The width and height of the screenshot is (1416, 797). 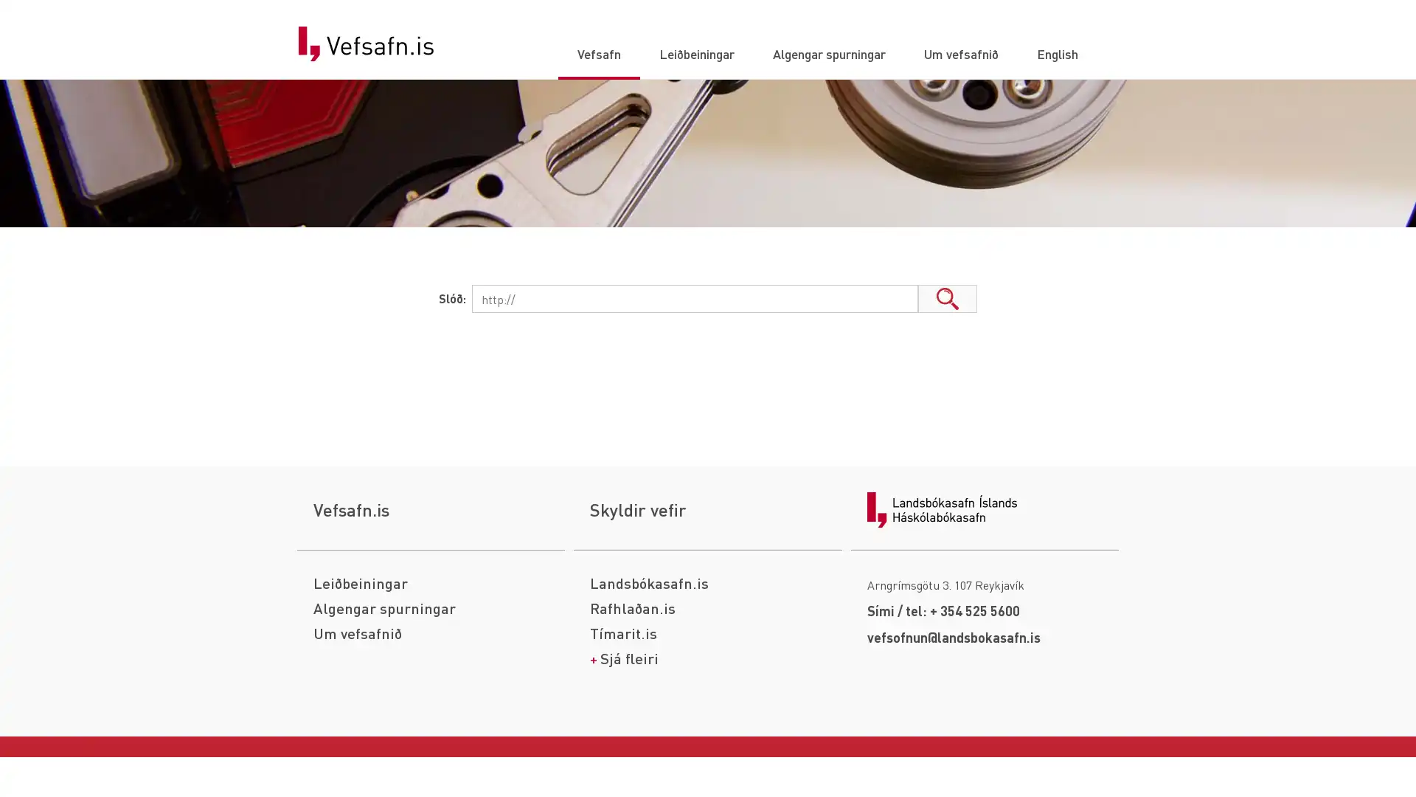 I want to click on Leita, so click(x=948, y=299).